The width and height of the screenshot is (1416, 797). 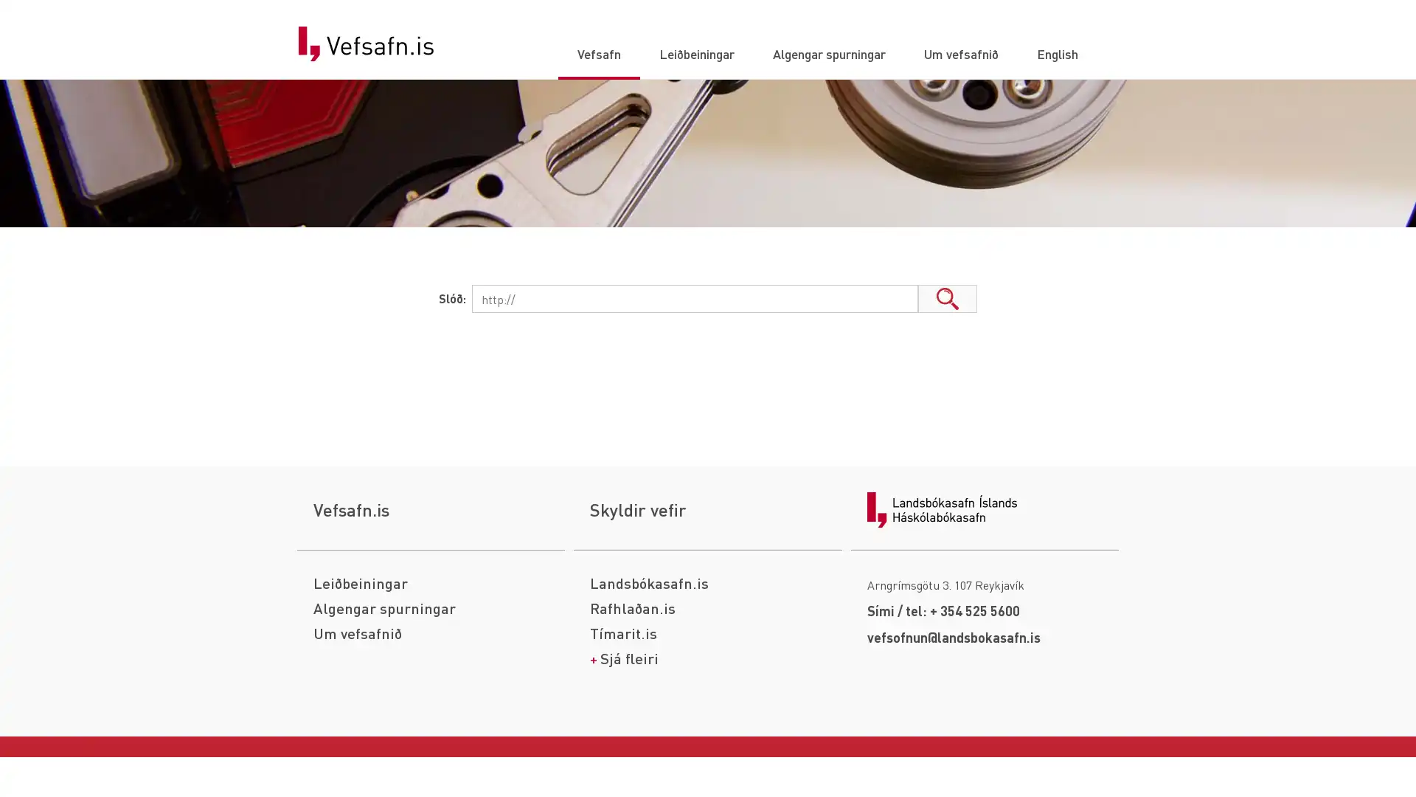 I want to click on Leita, so click(x=948, y=299).